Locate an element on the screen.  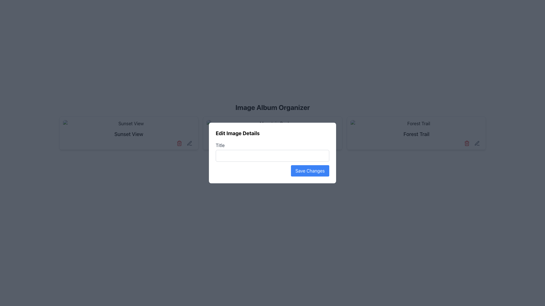
the red trash can icon button located in the lower right corner of the 'Sunset View' card, immediately to the left of the pencil icon is located at coordinates (179, 143).